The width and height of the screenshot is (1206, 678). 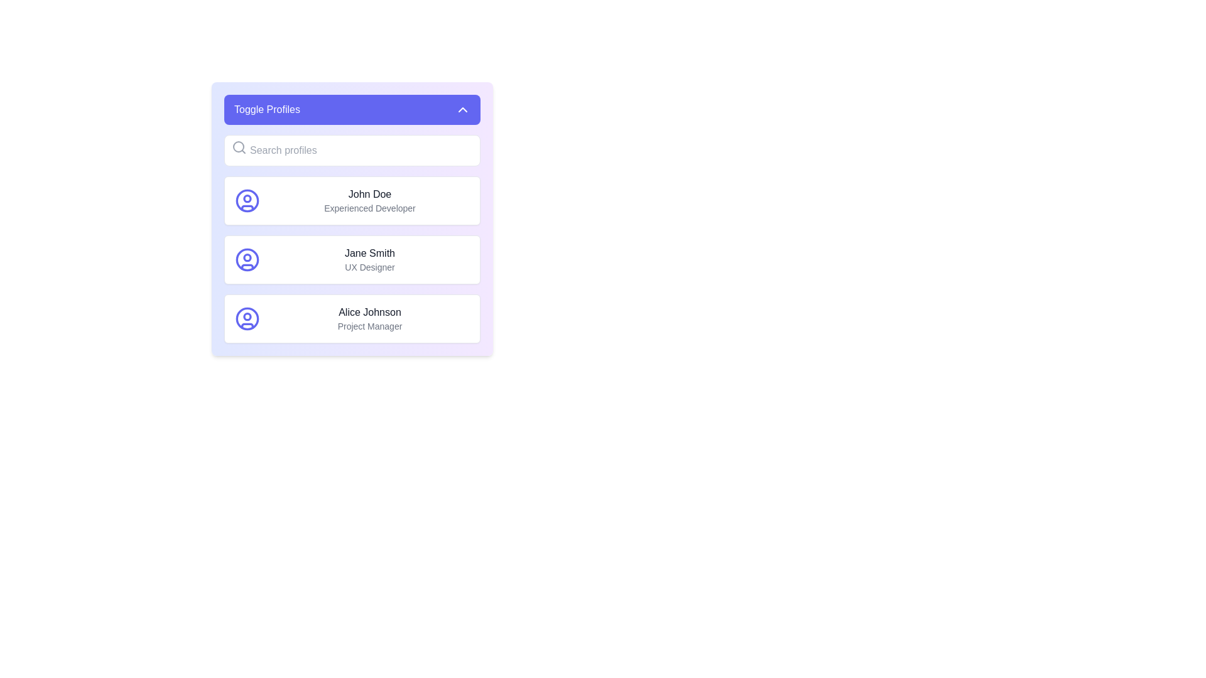 What do you see at coordinates (352, 259) in the screenshot?
I see `the 'Jane Smith' profile card, which represents her as a UX Designer` at bounding box center [352, 259].